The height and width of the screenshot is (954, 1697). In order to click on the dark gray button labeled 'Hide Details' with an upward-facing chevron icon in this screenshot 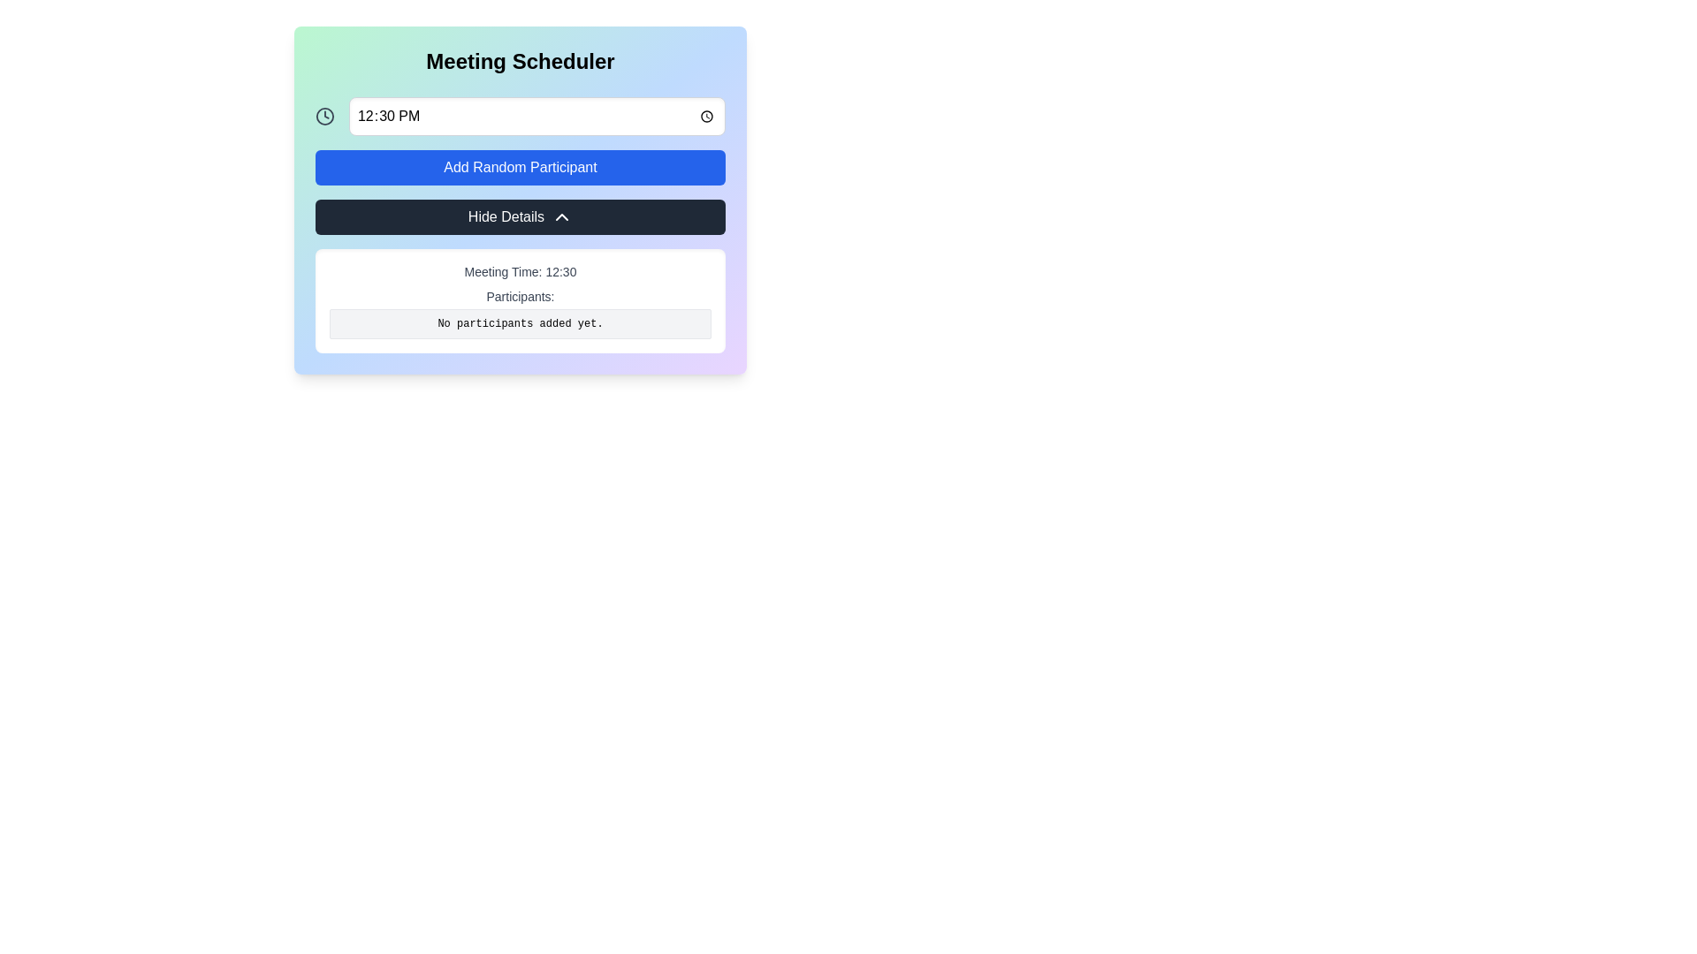, I will do `click(520, 216)`.